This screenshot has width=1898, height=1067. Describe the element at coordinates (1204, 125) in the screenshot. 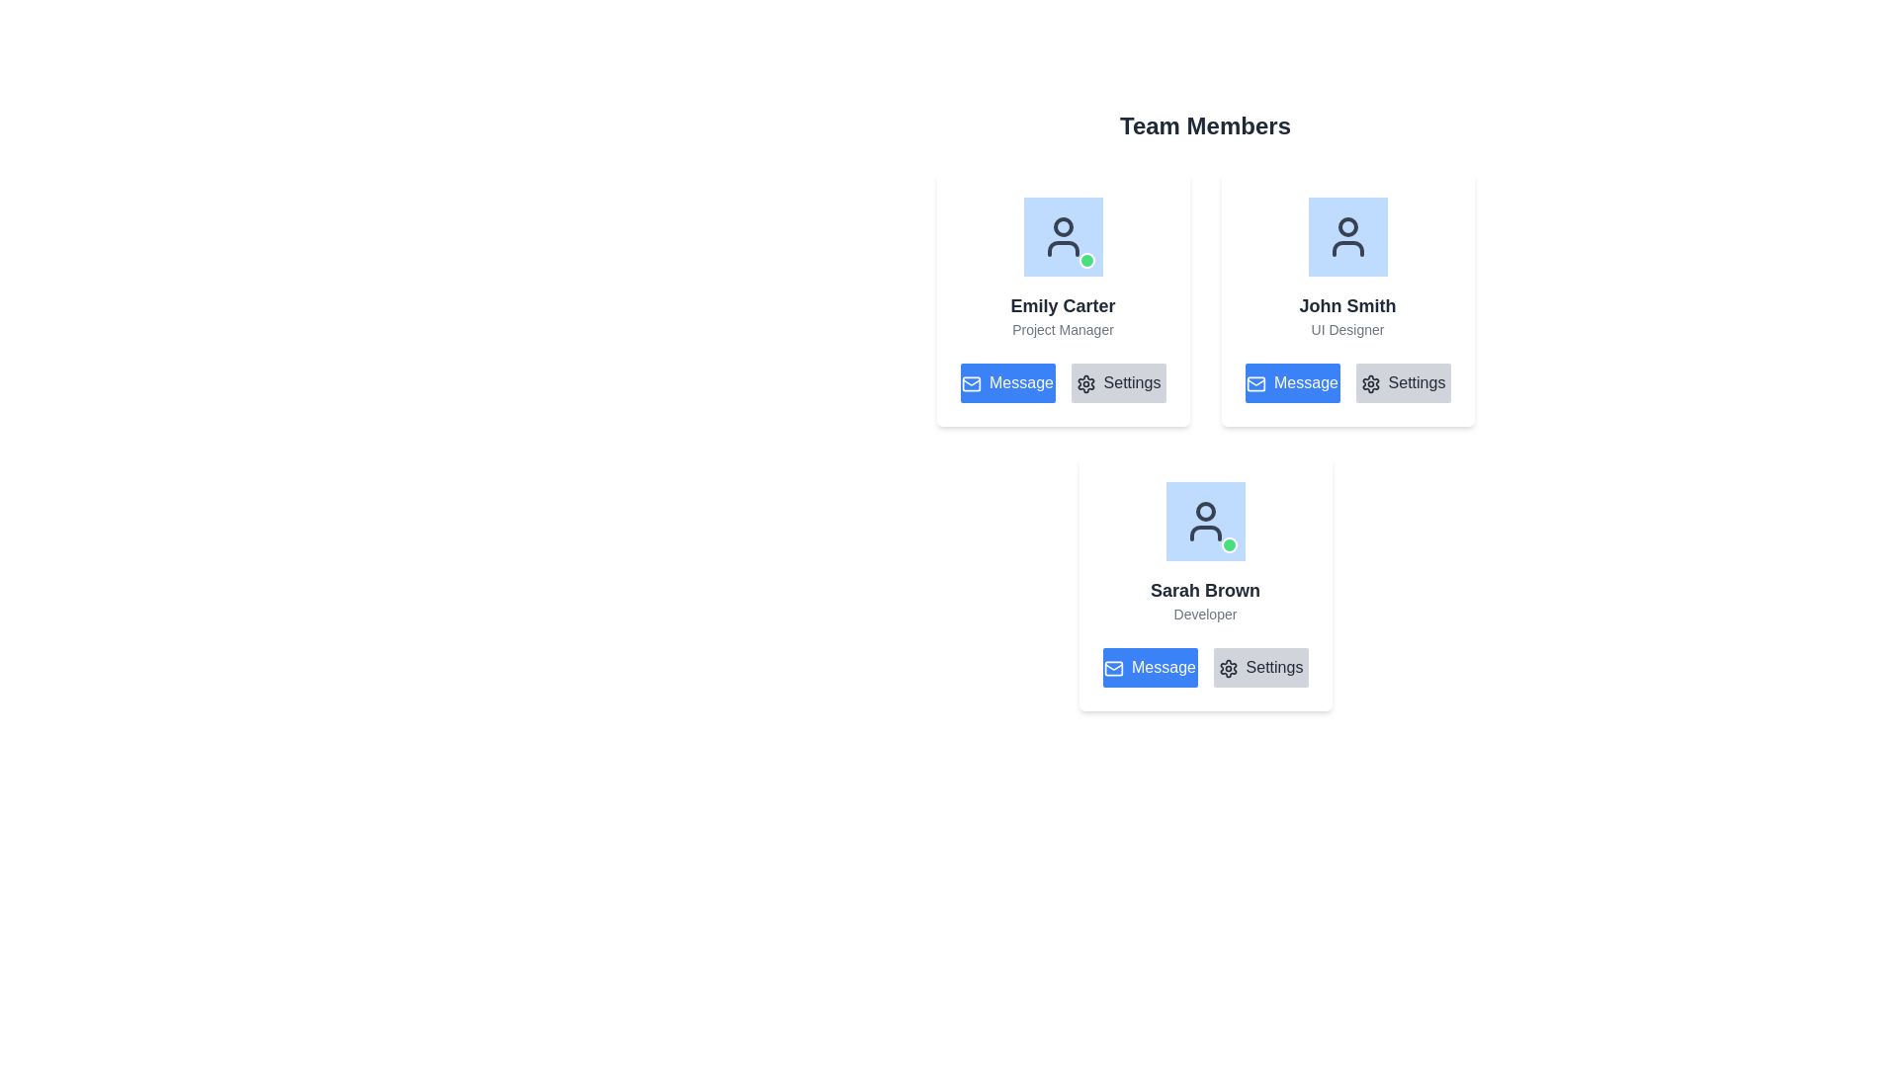

I see `text displayed in the 'Team Members' header, which is a bold, large font text located at the top center of the page` at that location.